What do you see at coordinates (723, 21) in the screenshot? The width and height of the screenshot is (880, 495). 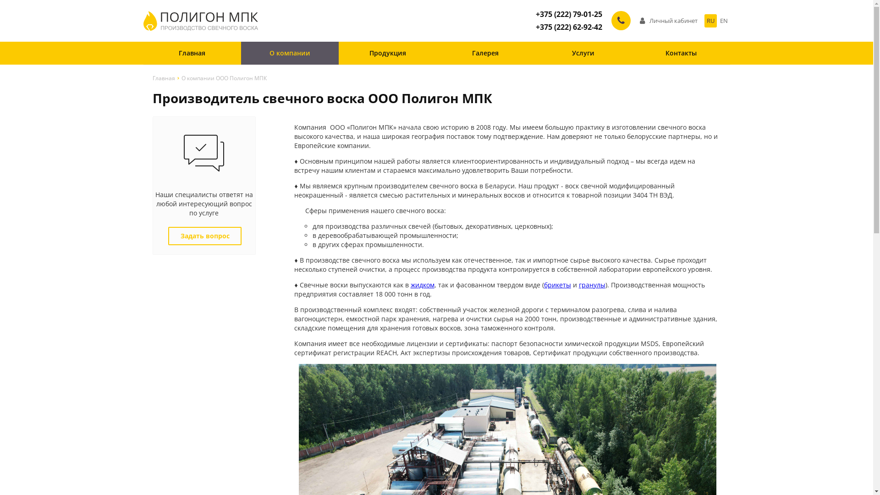 I see `'EN'` at bounding box center [723, 21].